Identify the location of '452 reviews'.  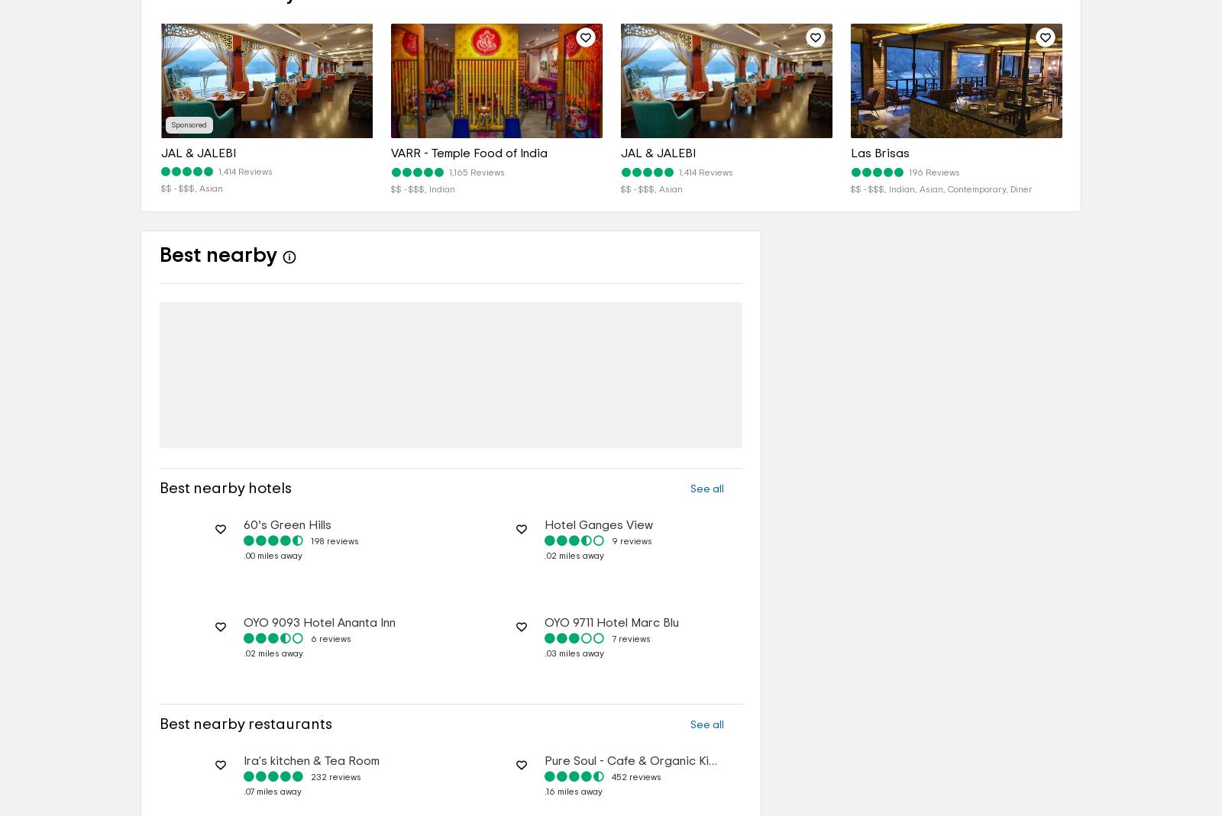
(635, 777).